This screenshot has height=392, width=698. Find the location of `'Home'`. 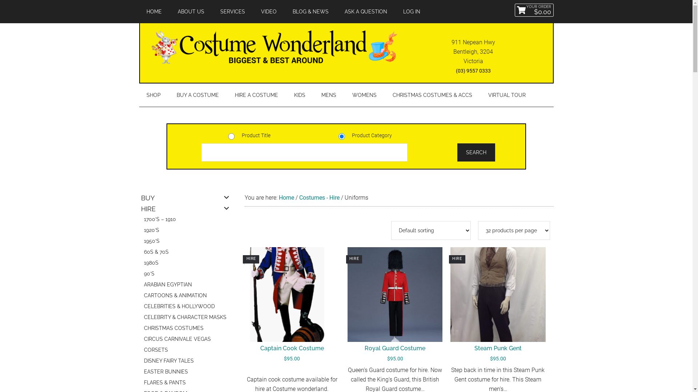

'Home' is located at coordinates (286, 197).